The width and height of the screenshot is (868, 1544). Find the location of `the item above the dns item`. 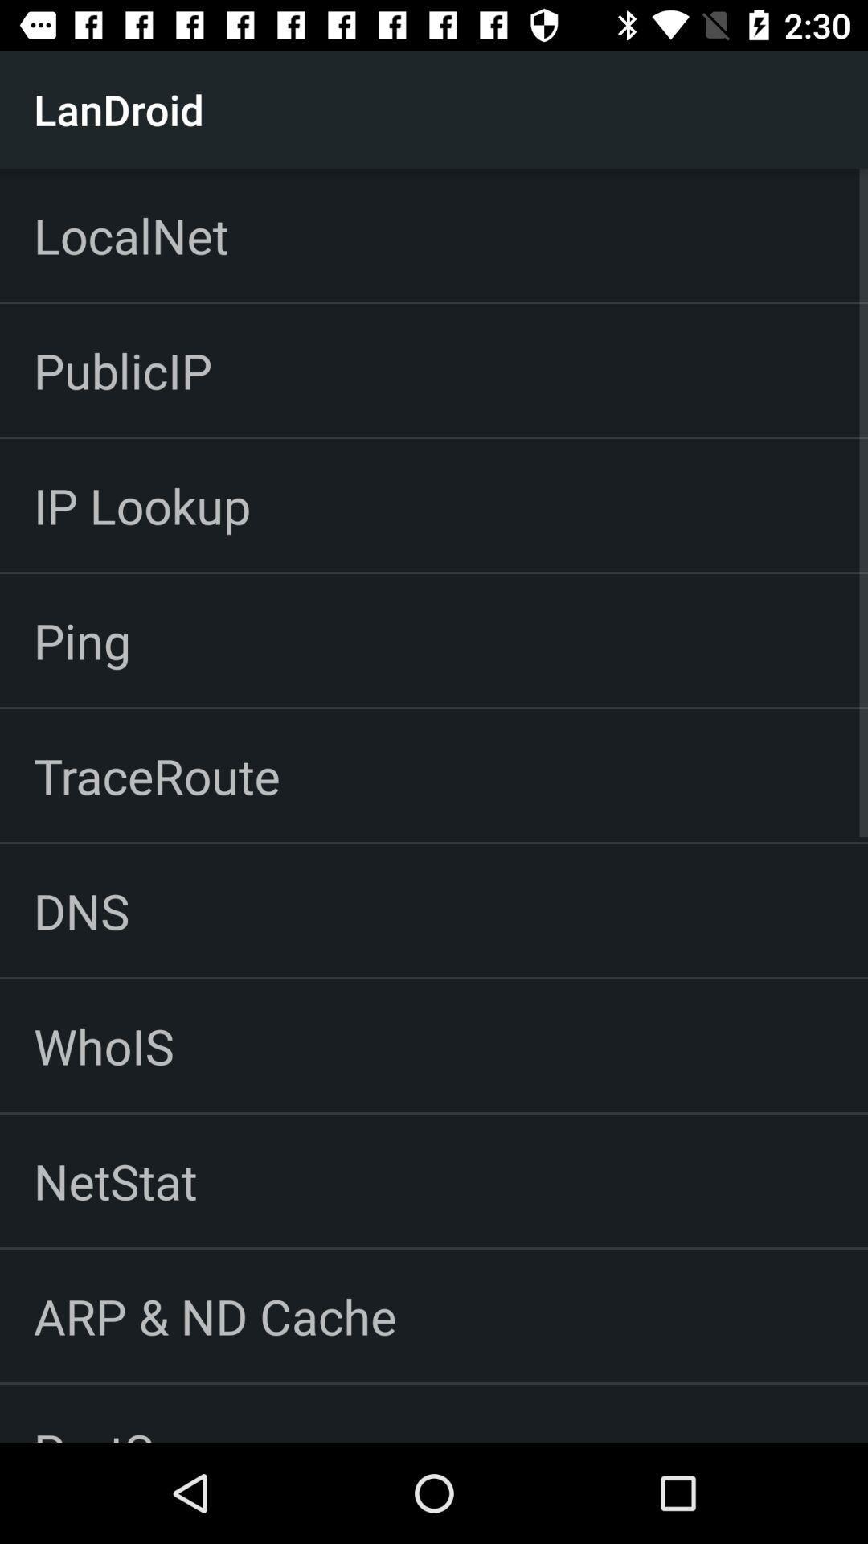

the item above the dns item is located at coordinates (157, 775).